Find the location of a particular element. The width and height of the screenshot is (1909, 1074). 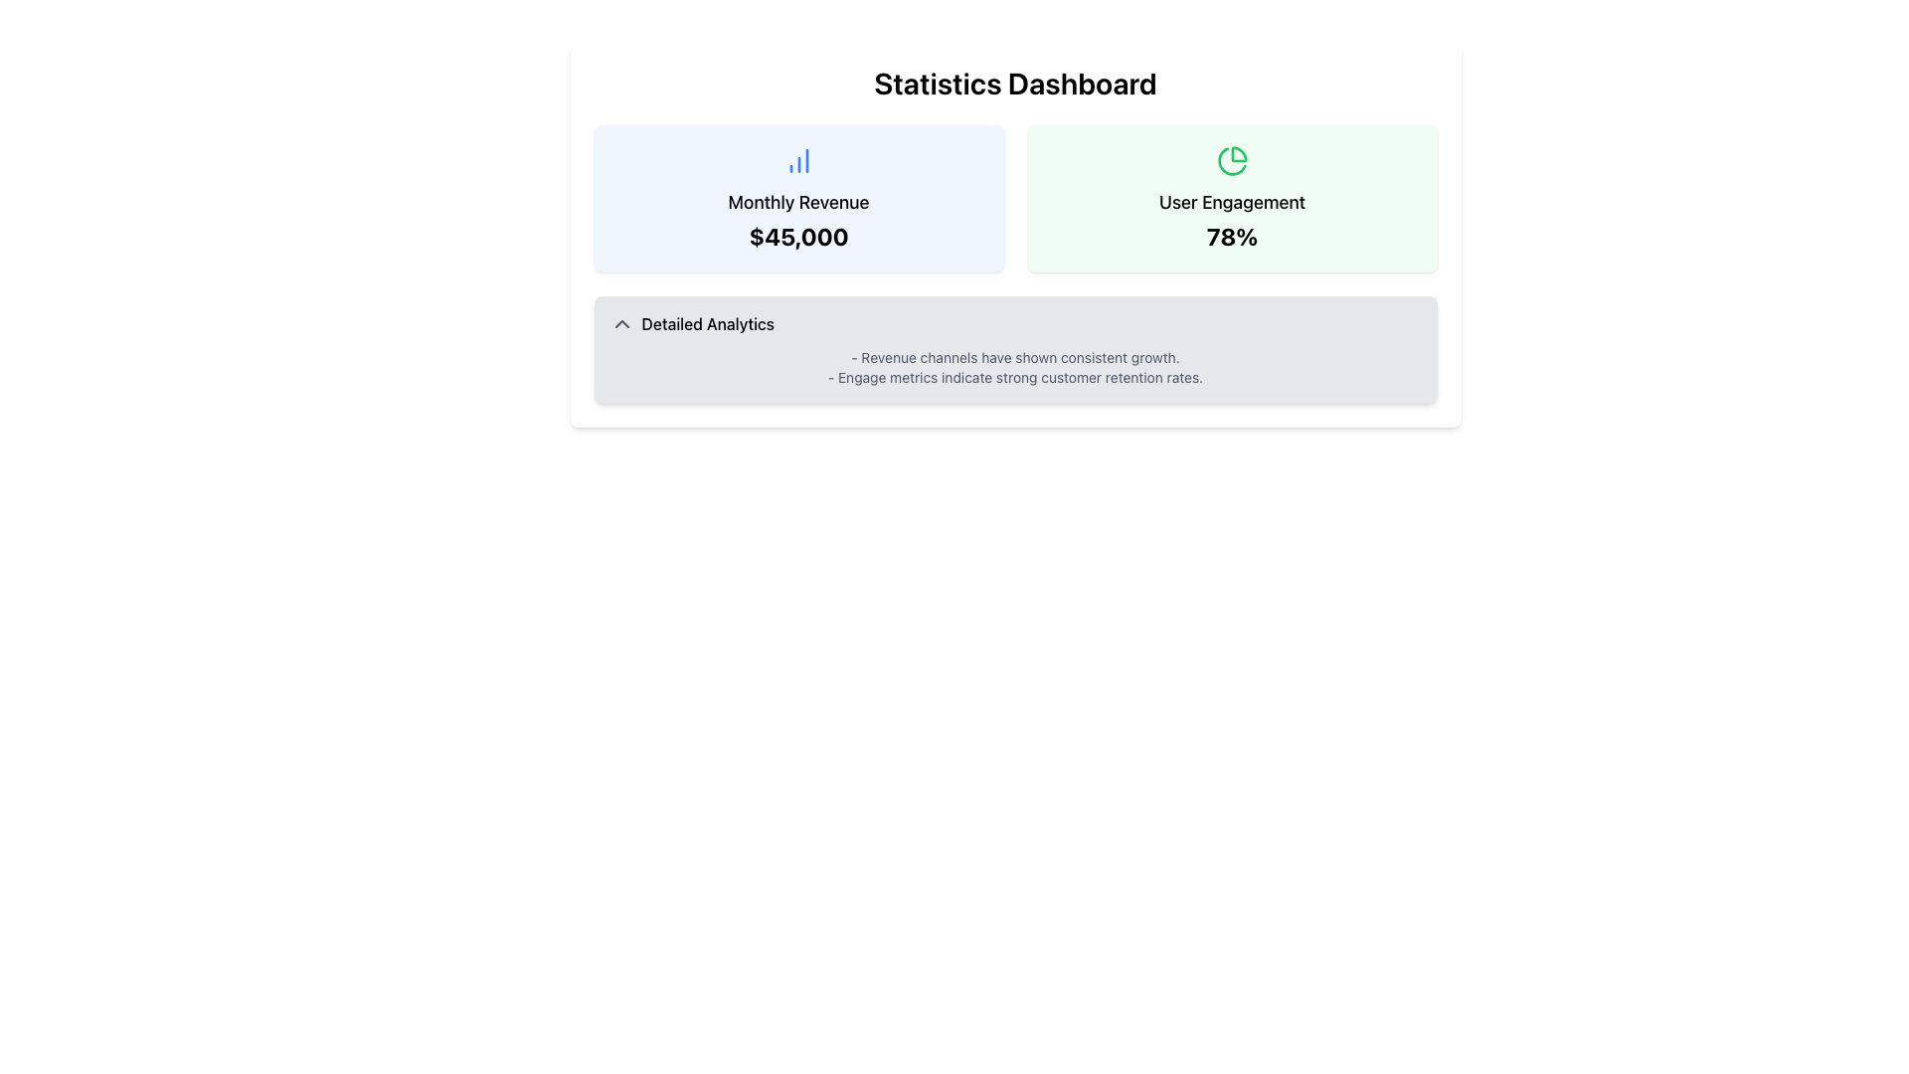

the highlighted segment of the pie chart SVG icon, which represents a fraction of user engagement data, located to the right of the 'Statistics Dashboard' heading and above the 'User Engagement' metric is located at coordinates (1238, 153).